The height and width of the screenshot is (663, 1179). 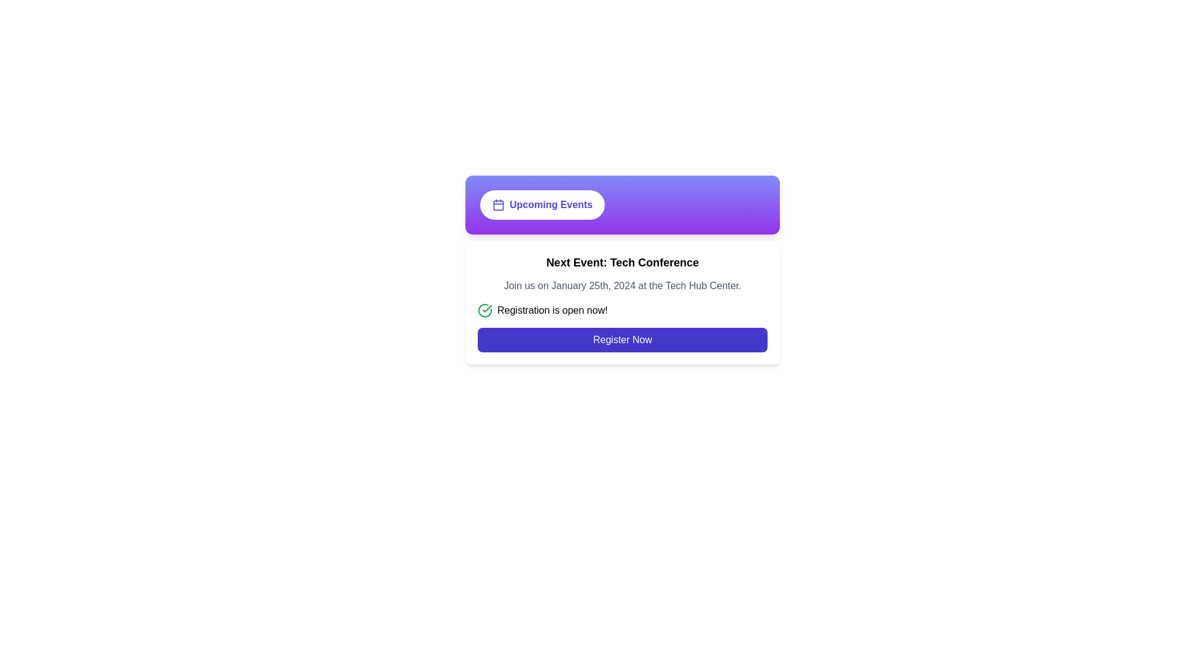 What do you see at coordinates (622, 286) in the screenshot?
I see `the informative text element that displays details about the upcoming event, located within the middle section of a white card beneath the title 'Next Event: Tech Conference'` at bounding box center [622, 286].